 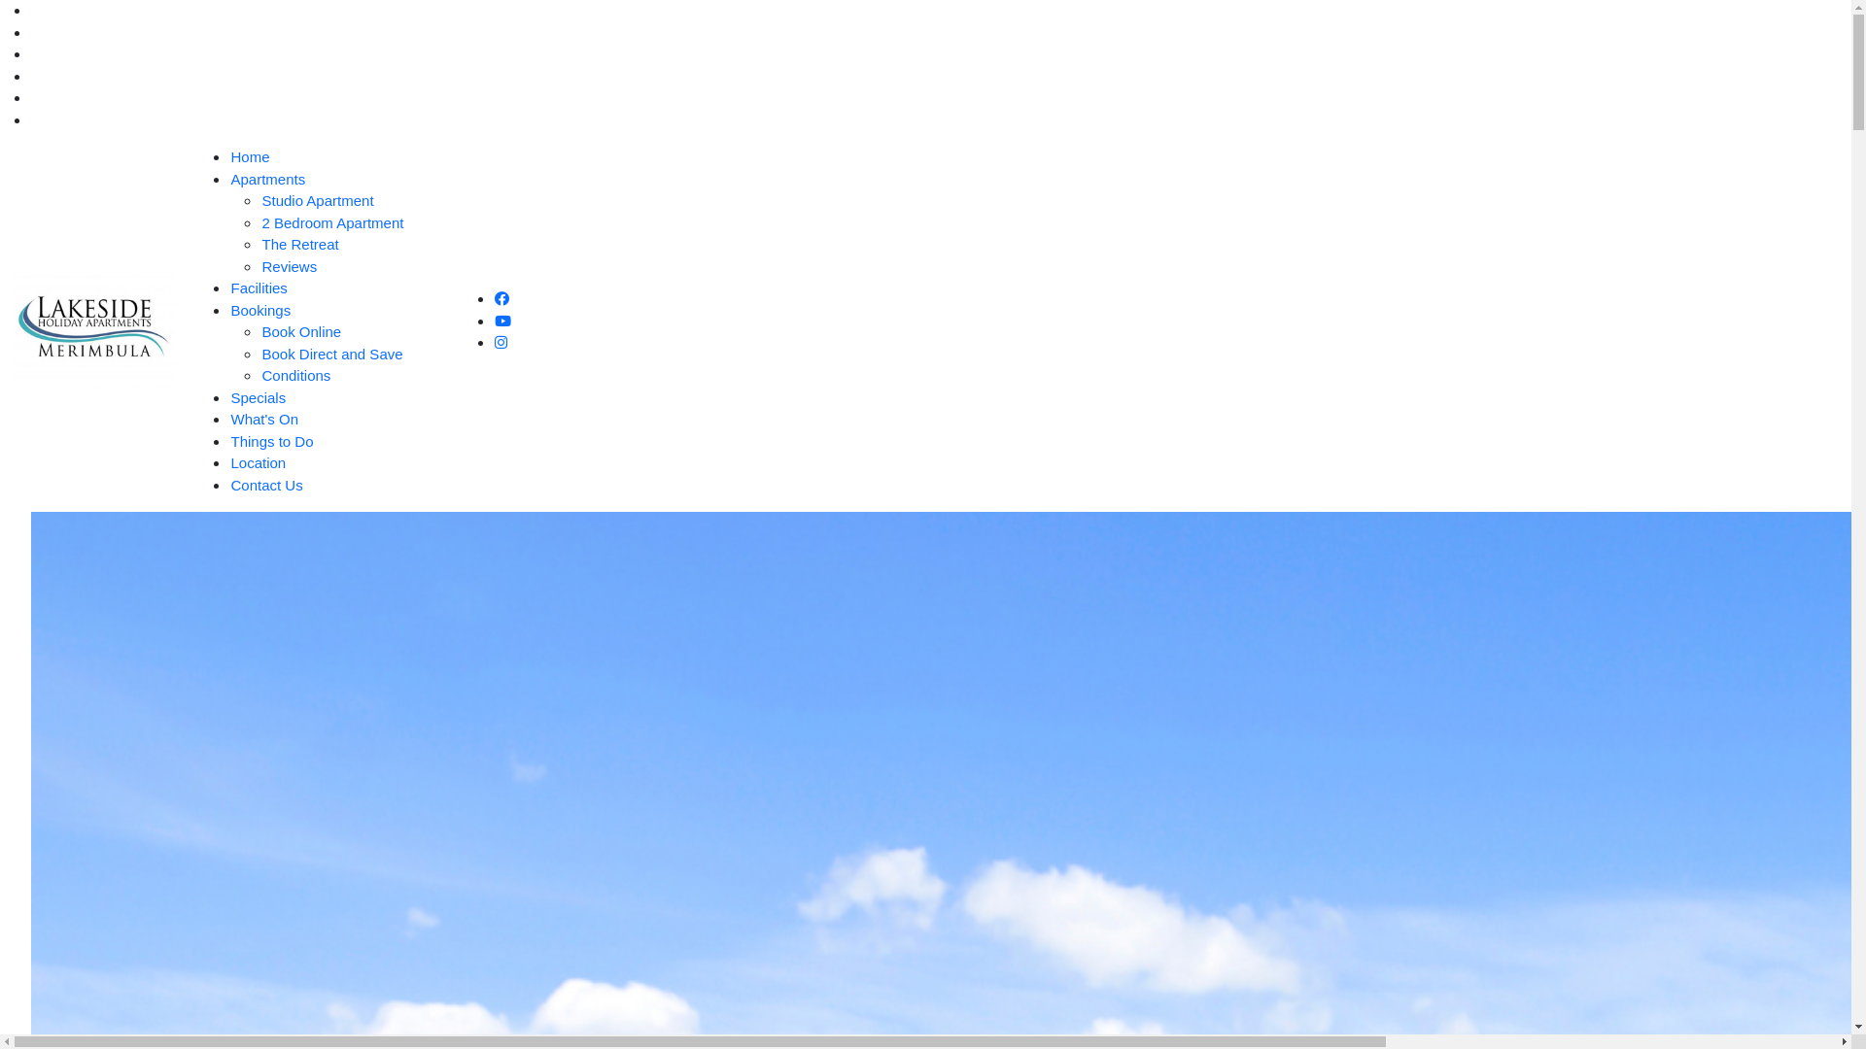 What do you see at coordinates (300, 330) in the screenshot?
I see `'Book Online'` at bounding box center [300, 330].